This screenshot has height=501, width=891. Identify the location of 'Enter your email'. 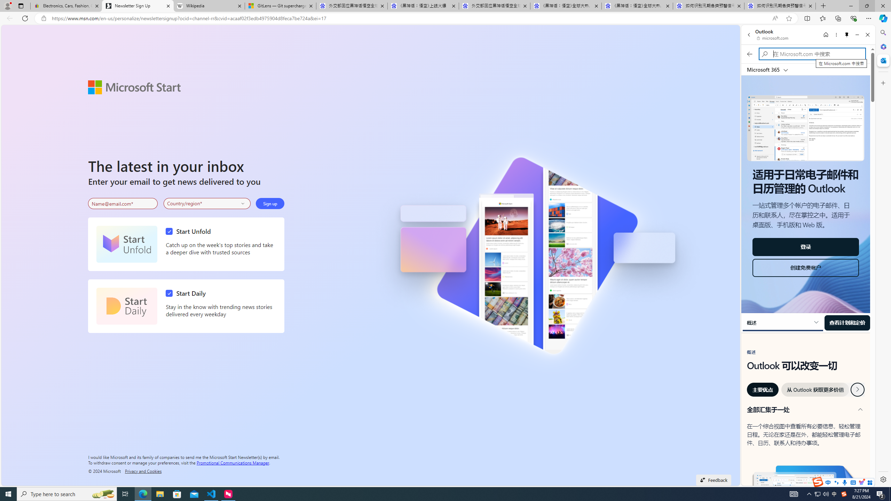
(123, 204).